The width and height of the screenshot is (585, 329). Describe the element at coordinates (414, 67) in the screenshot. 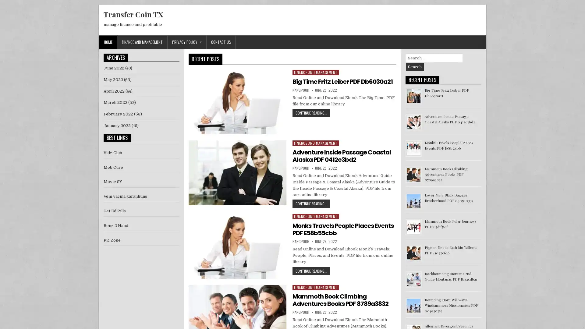

I see `Search` at that location.